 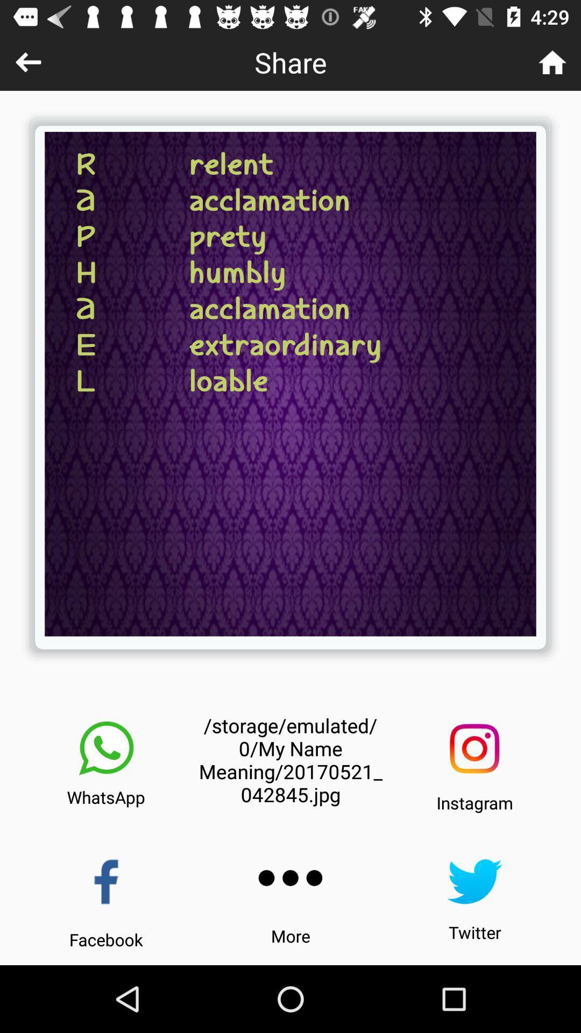 I want to click on the item above the instagram icon, so click(x=474, y=748).